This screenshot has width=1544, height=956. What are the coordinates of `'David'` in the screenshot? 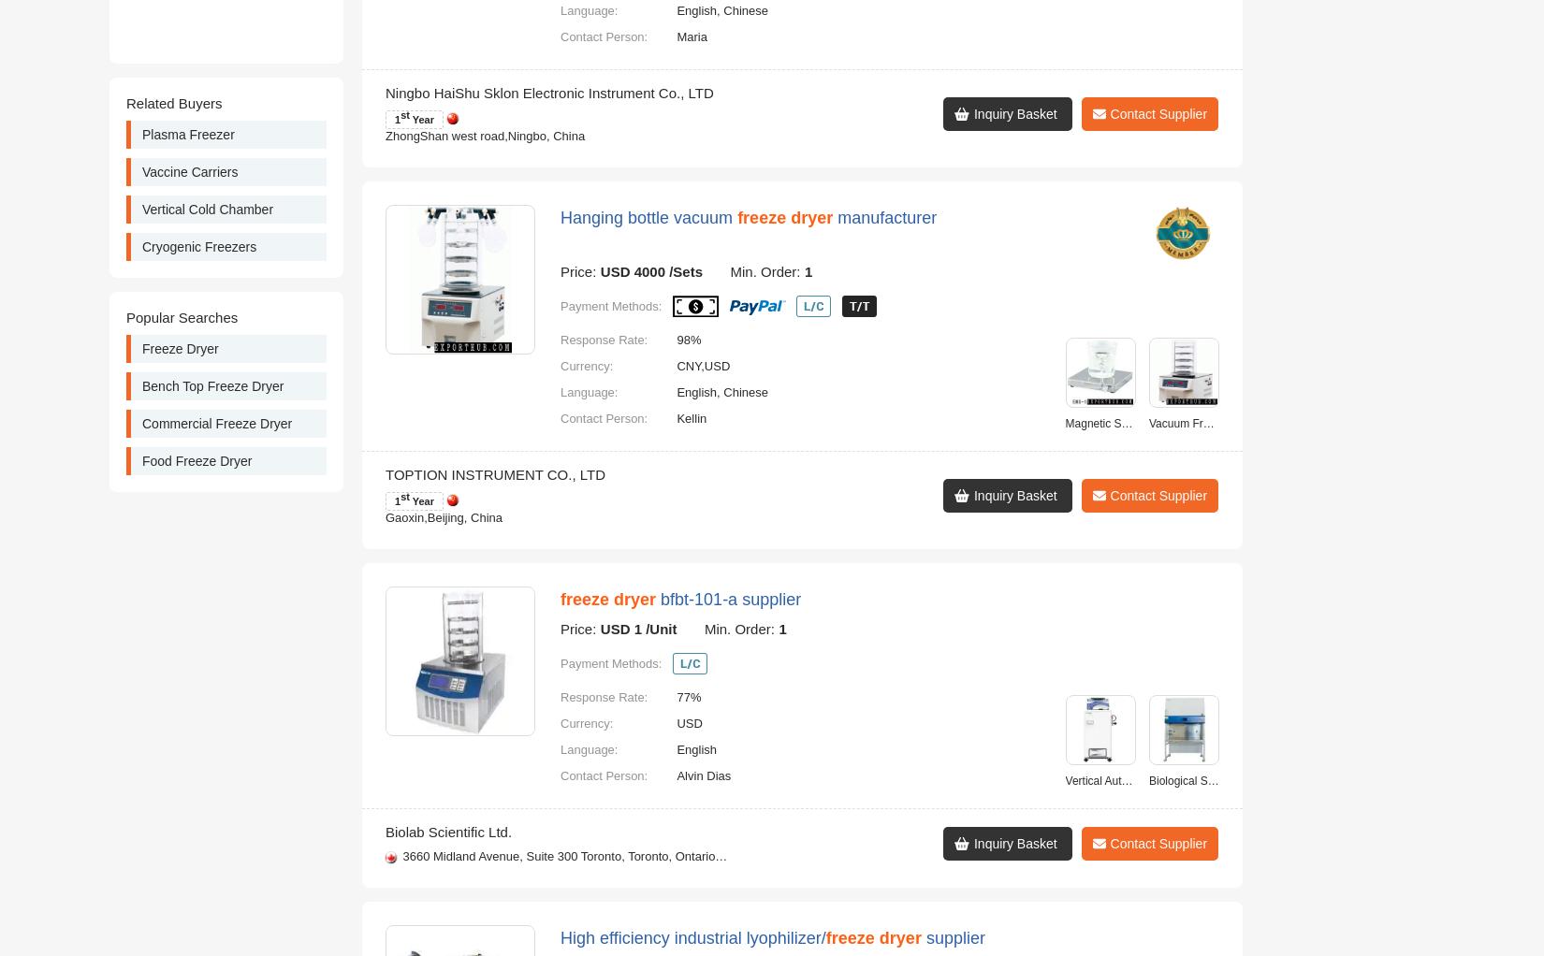 It's located at (691, 206).